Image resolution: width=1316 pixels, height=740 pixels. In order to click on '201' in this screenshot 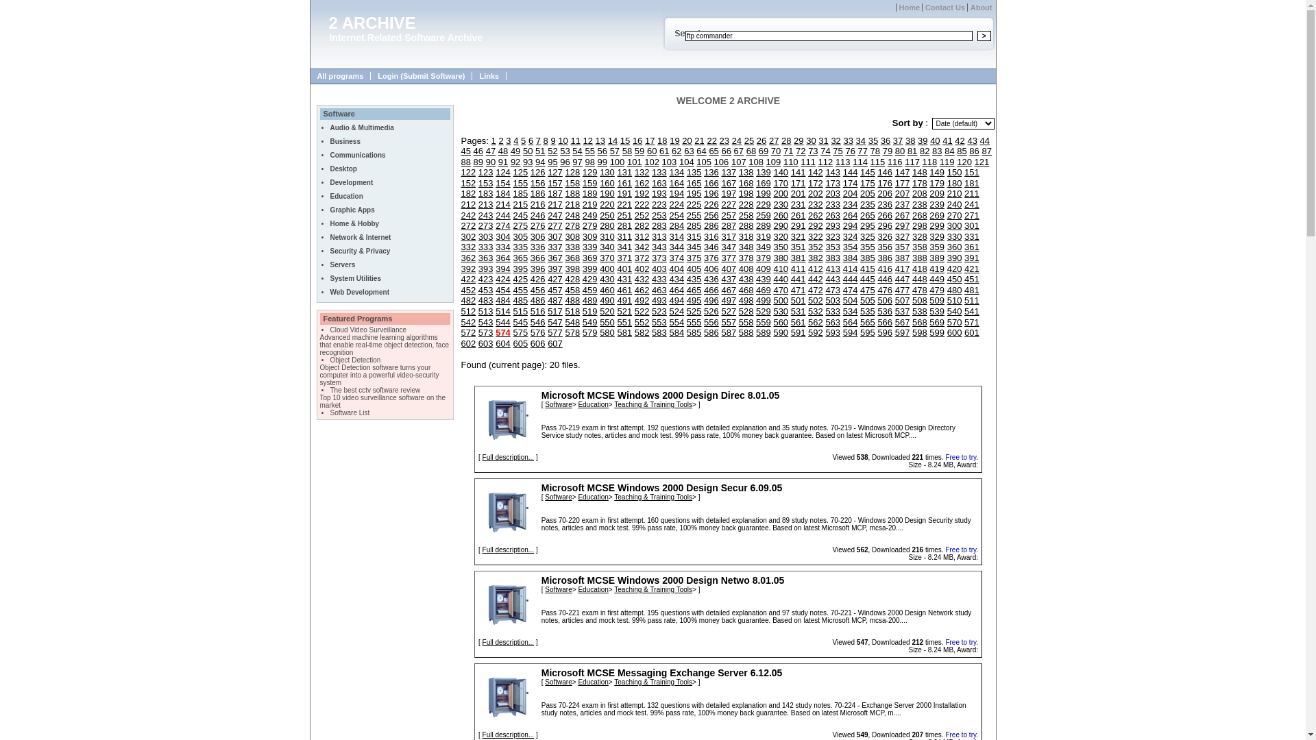, I will do `click(799, 193)`.